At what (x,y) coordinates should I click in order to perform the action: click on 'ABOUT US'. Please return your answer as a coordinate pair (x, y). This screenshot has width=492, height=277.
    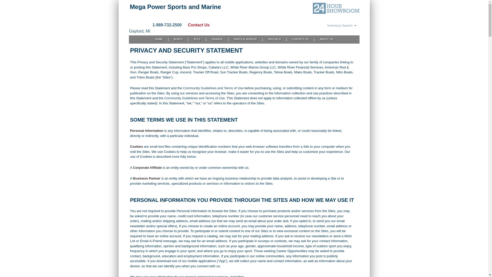
    Looking at the image, I should click on (326, 39).